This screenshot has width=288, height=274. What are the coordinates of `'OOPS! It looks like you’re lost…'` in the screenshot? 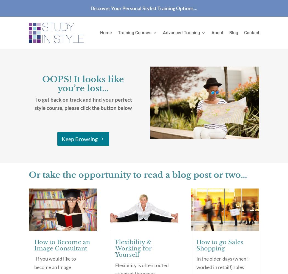 It's located at (83, 84).